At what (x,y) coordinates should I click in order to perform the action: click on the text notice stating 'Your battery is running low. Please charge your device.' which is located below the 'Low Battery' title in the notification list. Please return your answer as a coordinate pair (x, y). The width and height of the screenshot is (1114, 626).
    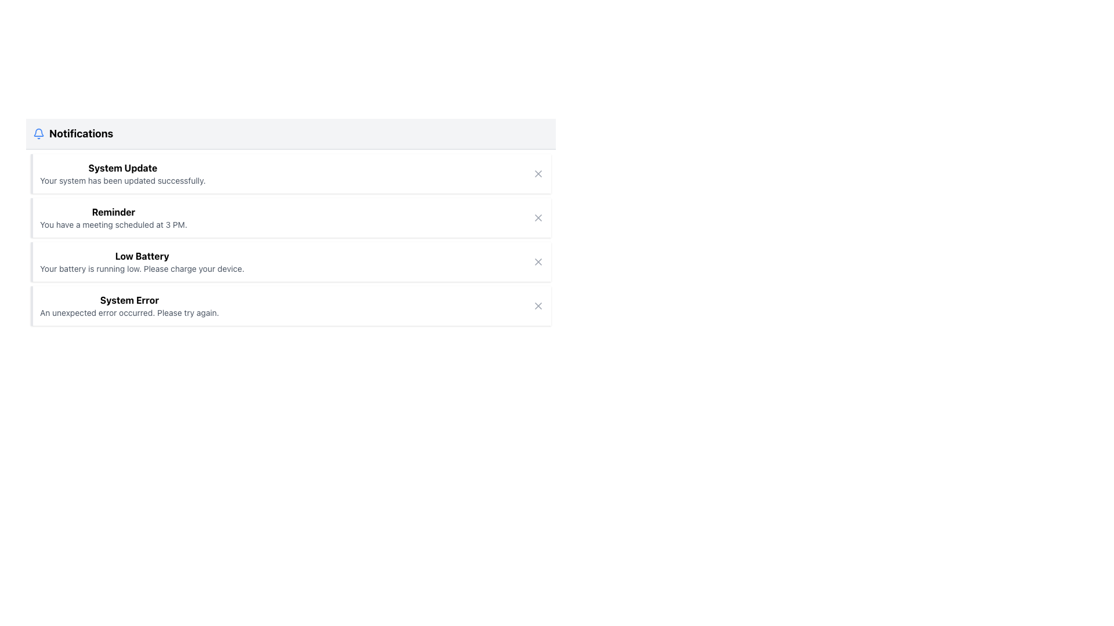
    Looking at the image, I should click on (142, 268).